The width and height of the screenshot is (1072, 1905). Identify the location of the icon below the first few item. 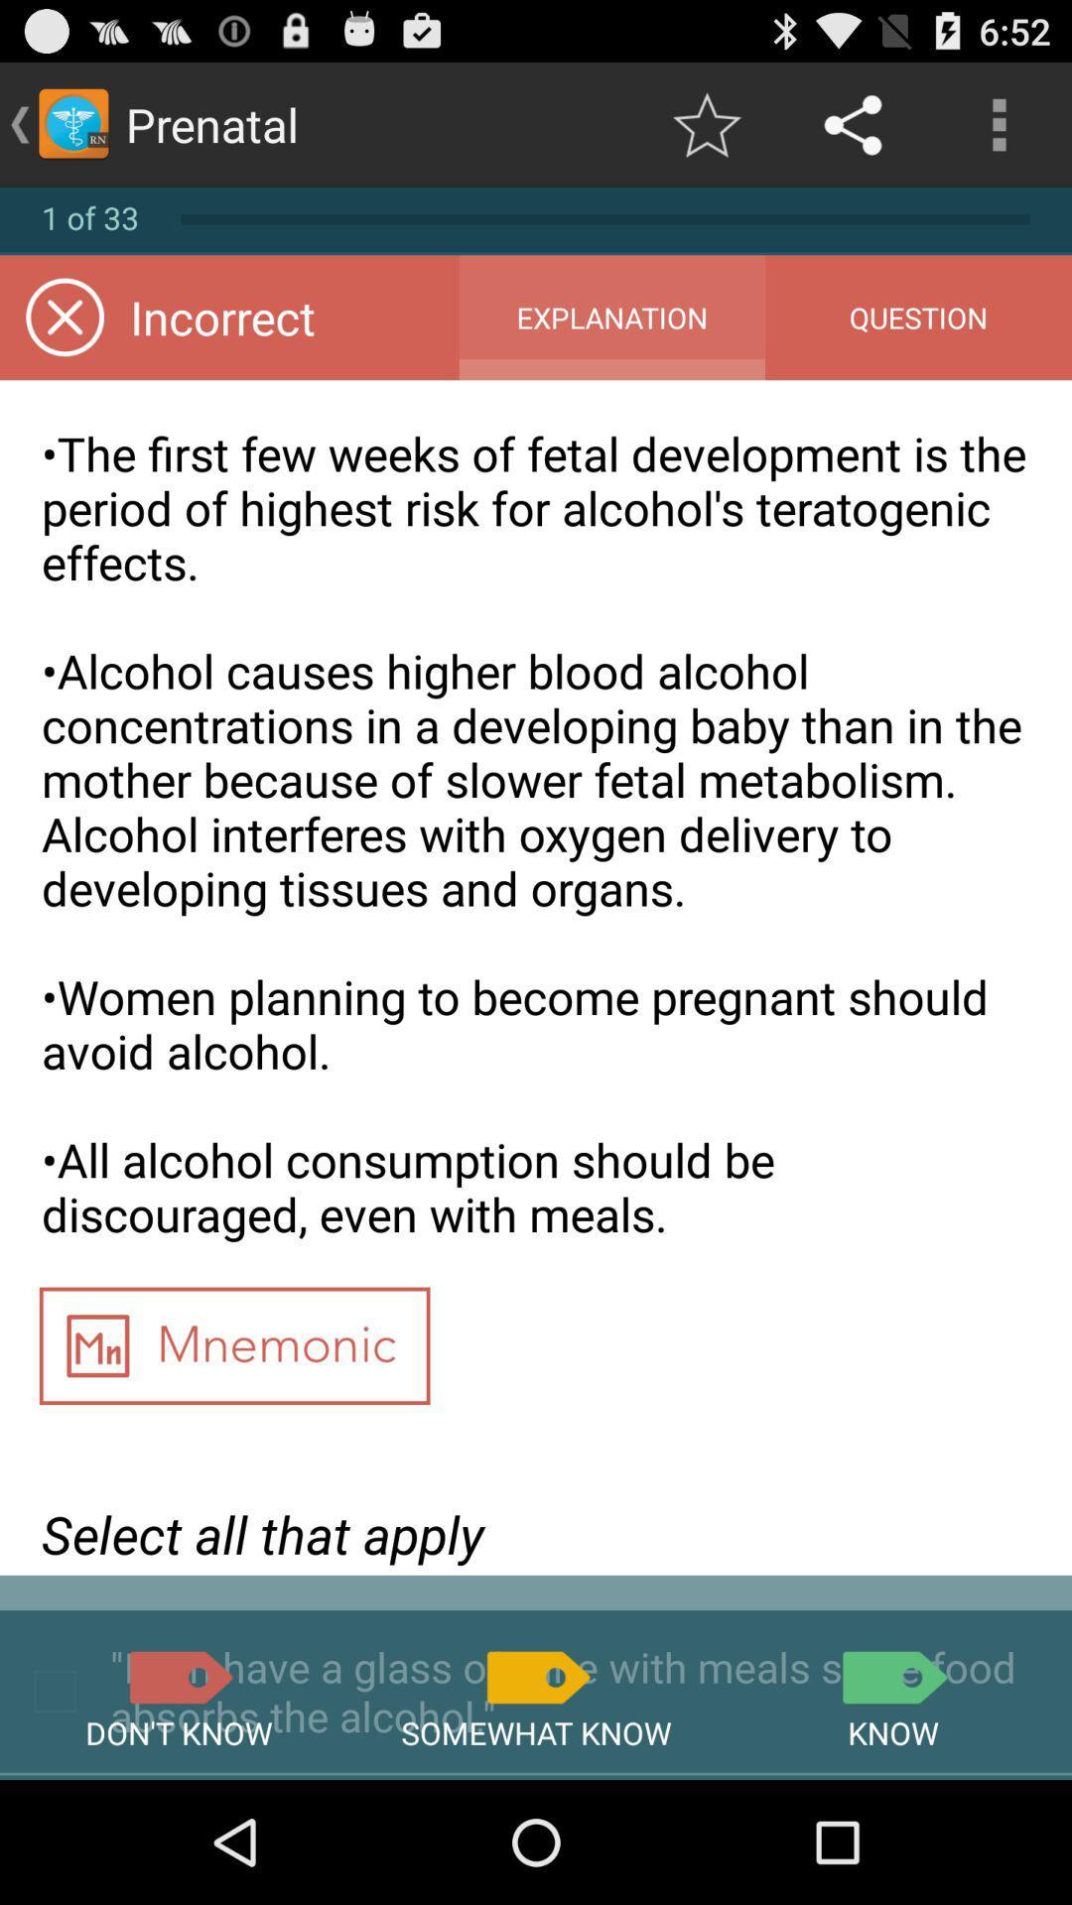
(891, 1676).